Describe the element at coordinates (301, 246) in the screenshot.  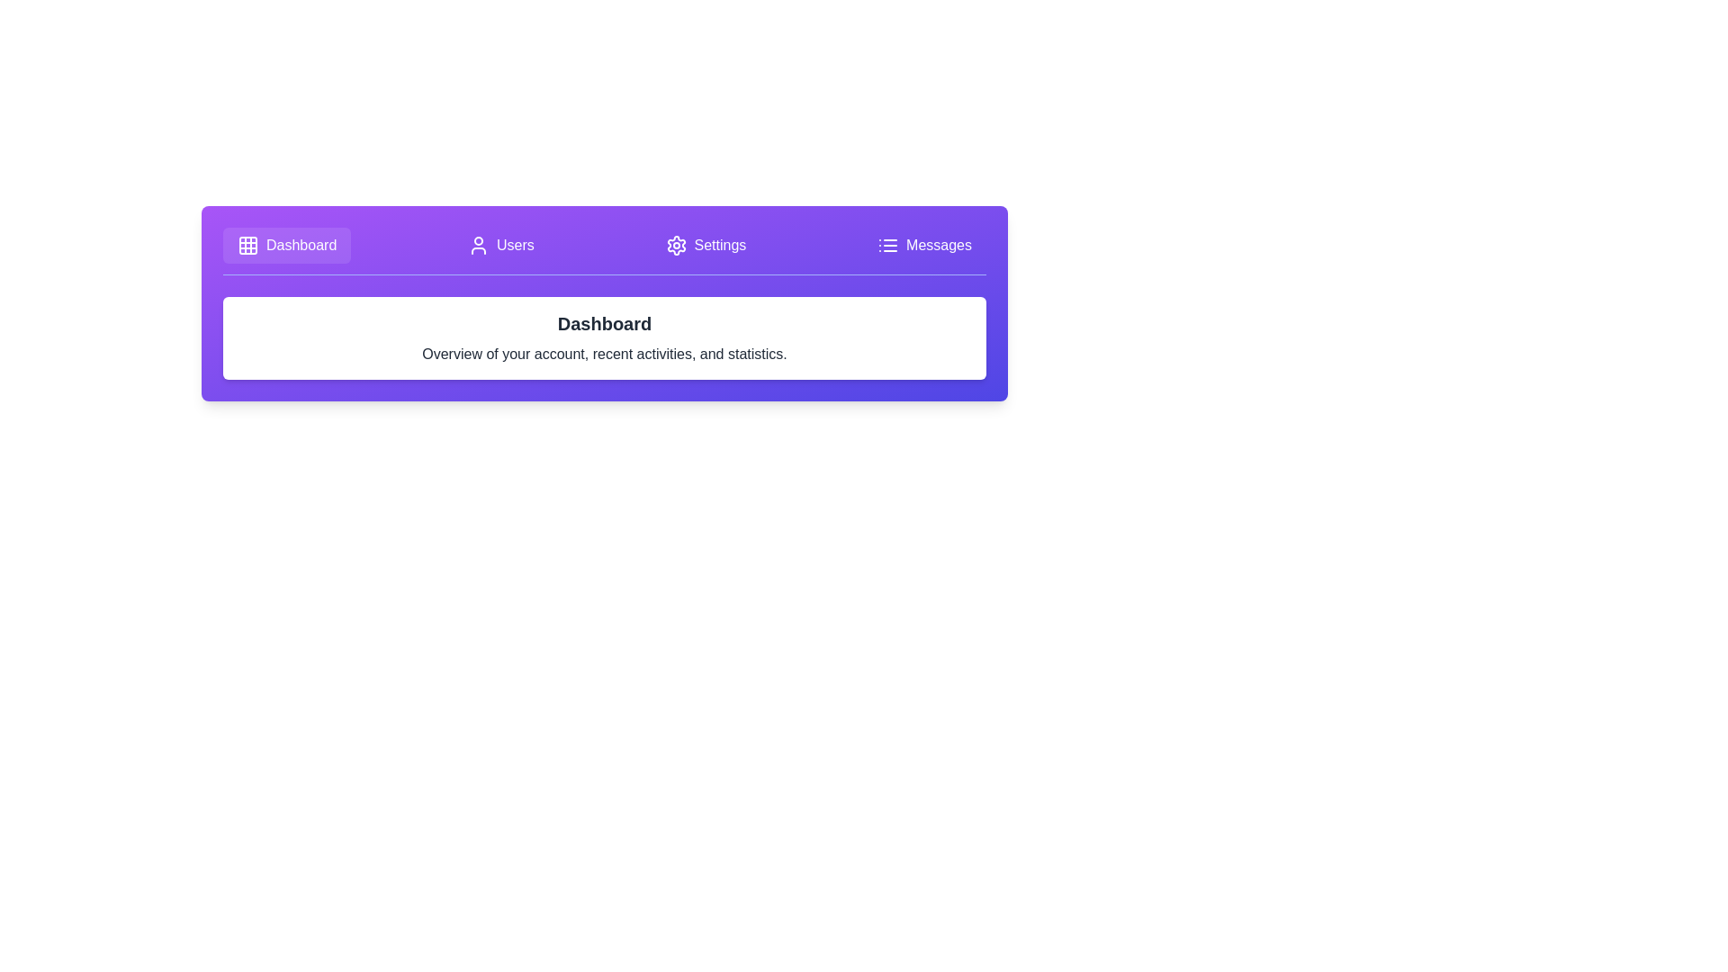
I see `the 'Dashboard' text label located in the top-left menu section, which is associated with navigating to the dashboard` at that location.